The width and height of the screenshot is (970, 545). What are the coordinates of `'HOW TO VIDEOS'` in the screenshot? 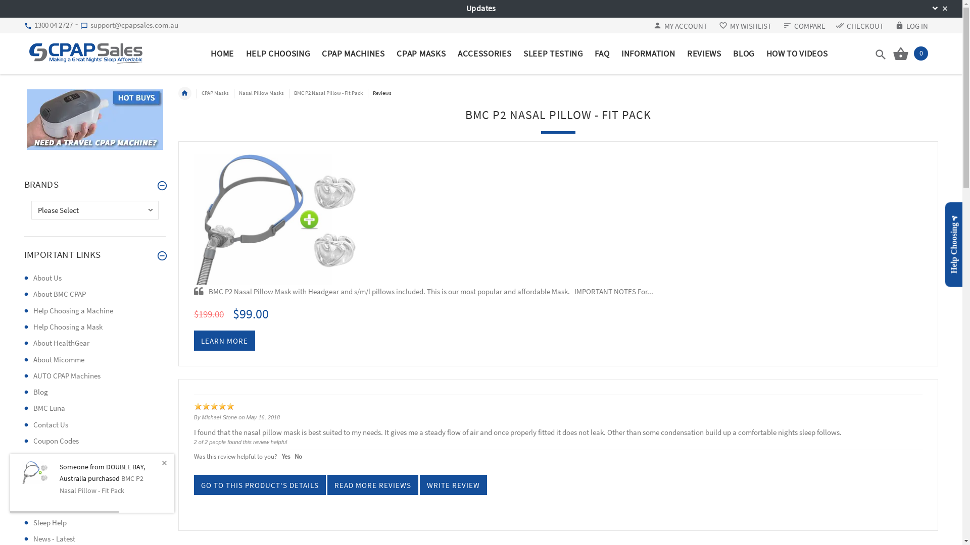 It's located at (793, 53).